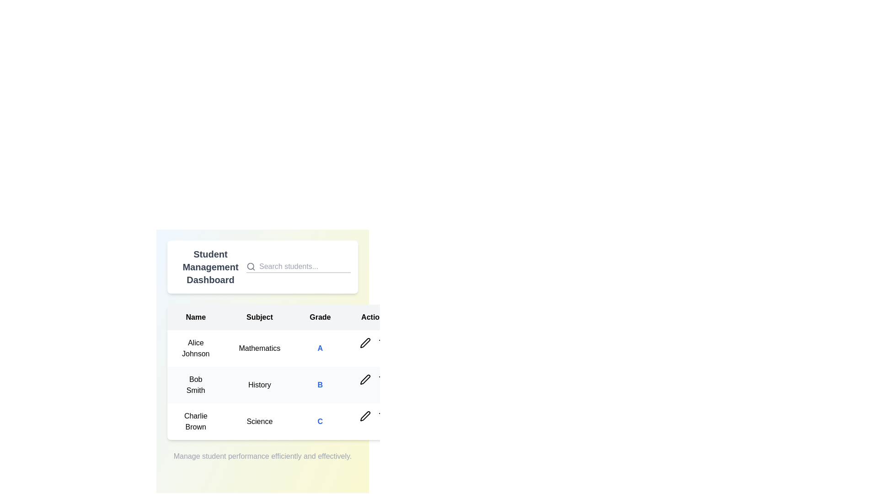  I want to click on the 'History' label in the 'Subject' column of the table for the student 'Bob Smith', so click(259, 385).